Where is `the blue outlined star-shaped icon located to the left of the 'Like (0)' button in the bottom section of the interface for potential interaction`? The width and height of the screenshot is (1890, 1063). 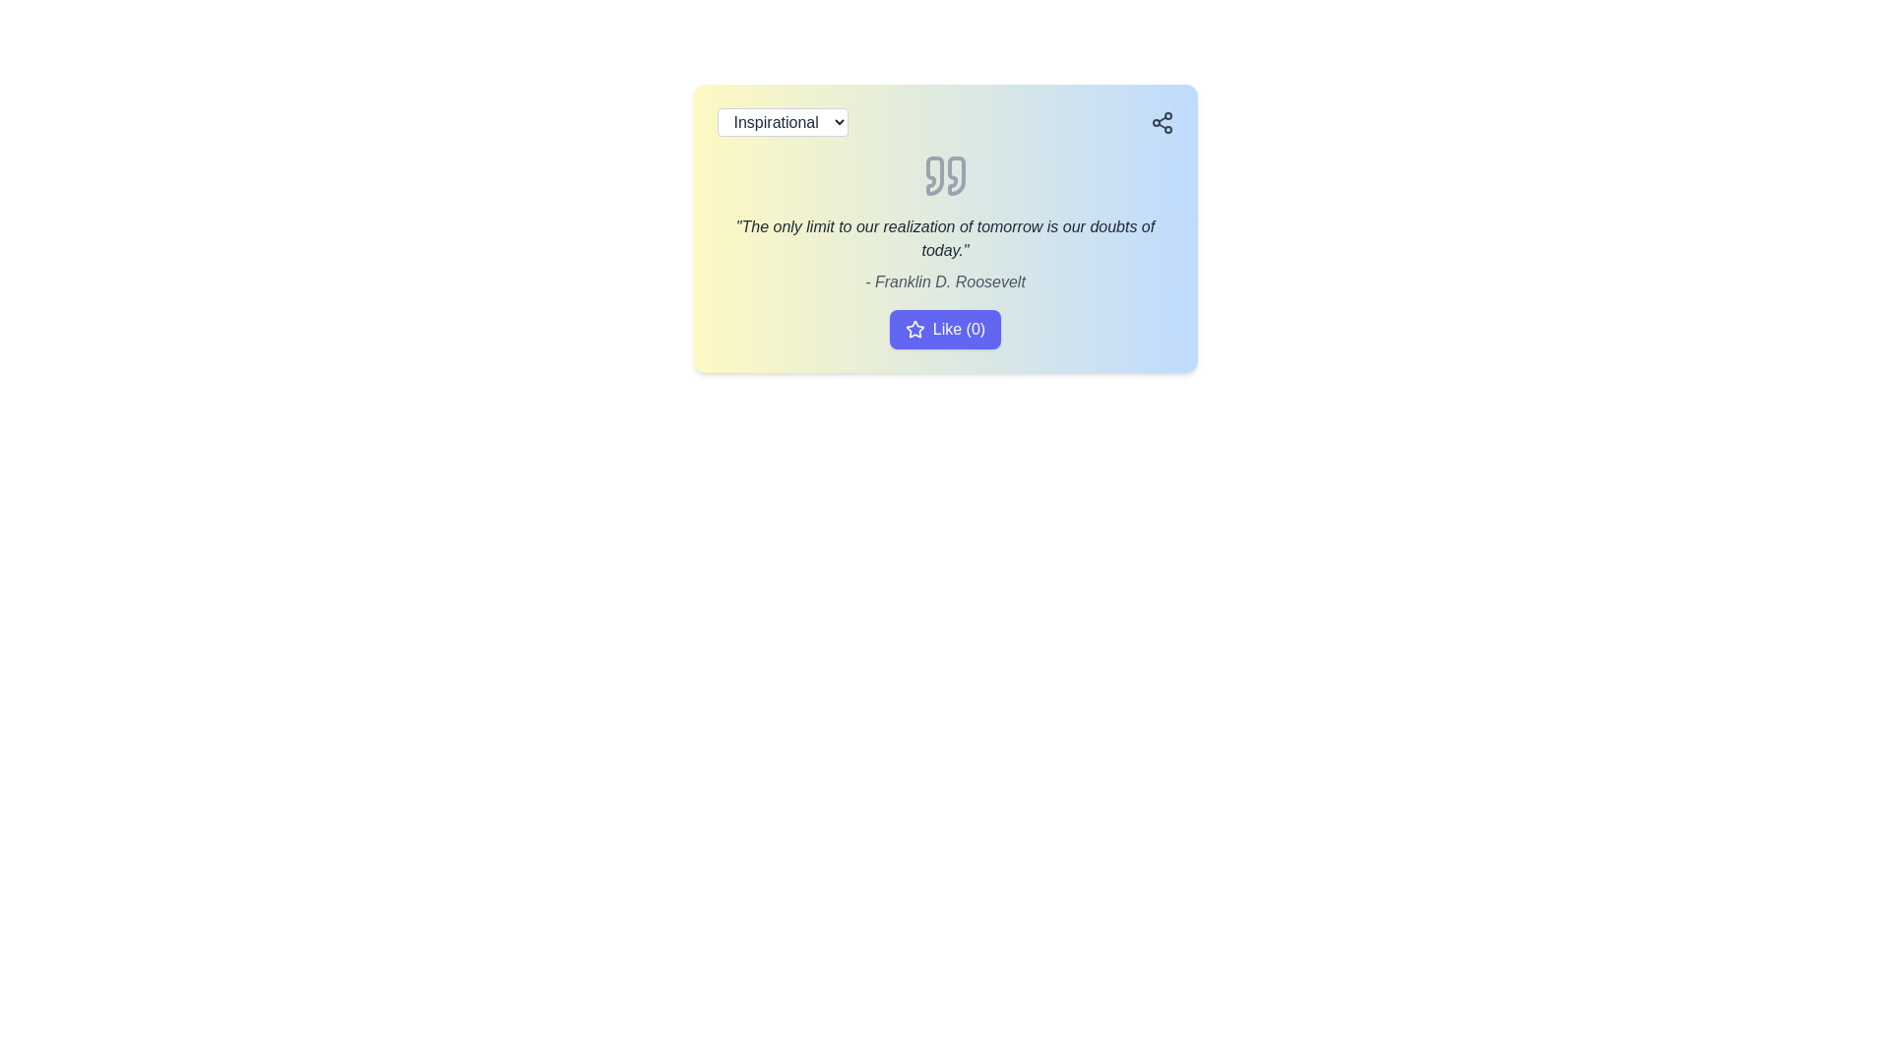 the blue outlined star-shaped icon located to the left of the 'Like (0)' button in the bottom section of the interface for potential interaction is located at coordinates (913, 328).